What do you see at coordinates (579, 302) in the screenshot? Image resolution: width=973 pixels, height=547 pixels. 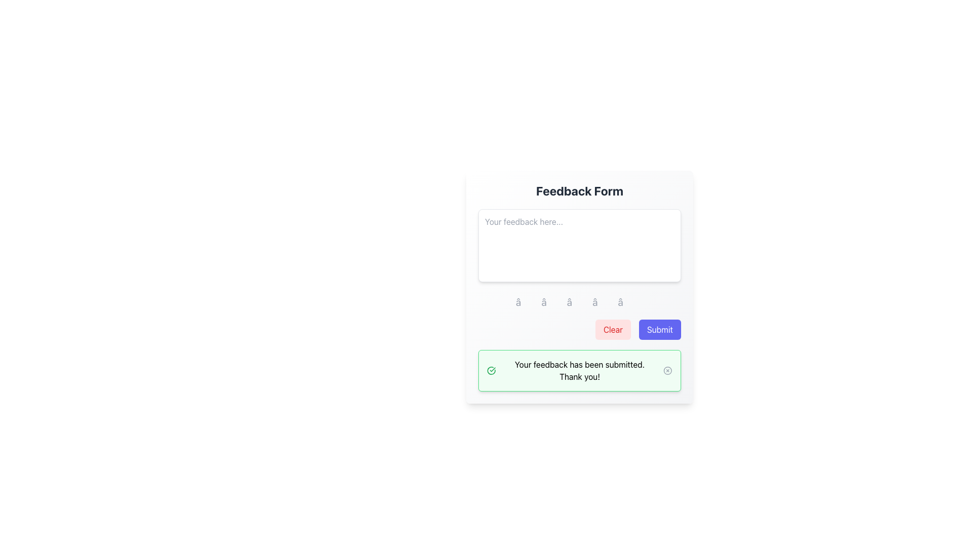 I see `one of the five star icons in the Rating control` at bounding box center [579, 302].